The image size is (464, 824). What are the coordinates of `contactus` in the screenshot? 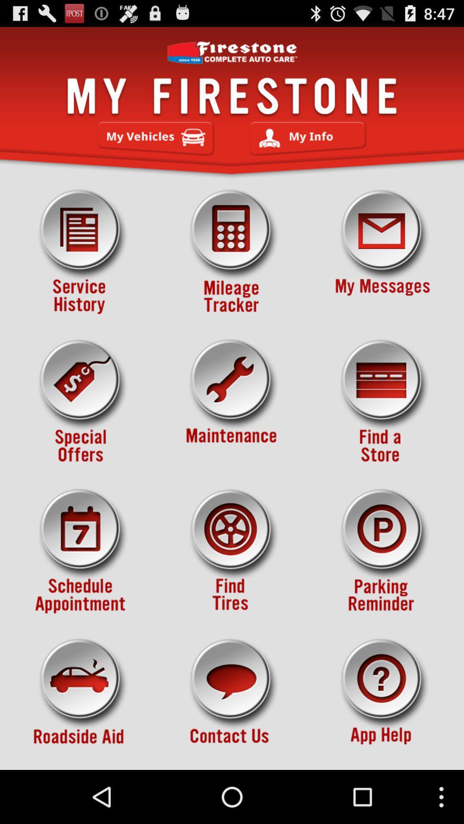 It's located at (232, 701).